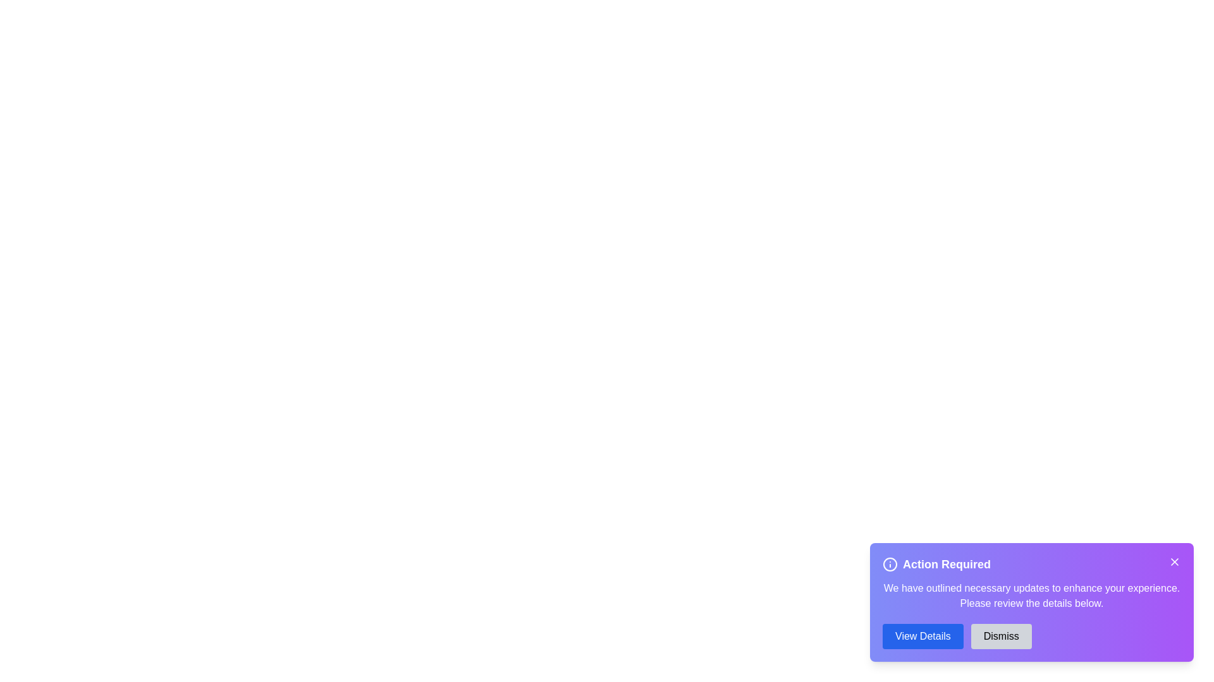 This screenshot has height=682, width=1214. What do you see at coordinates (1000, 636) in the screenshot?
I see `the 'Dismiss' button to close the alert` at bounding box center [1000, 636].